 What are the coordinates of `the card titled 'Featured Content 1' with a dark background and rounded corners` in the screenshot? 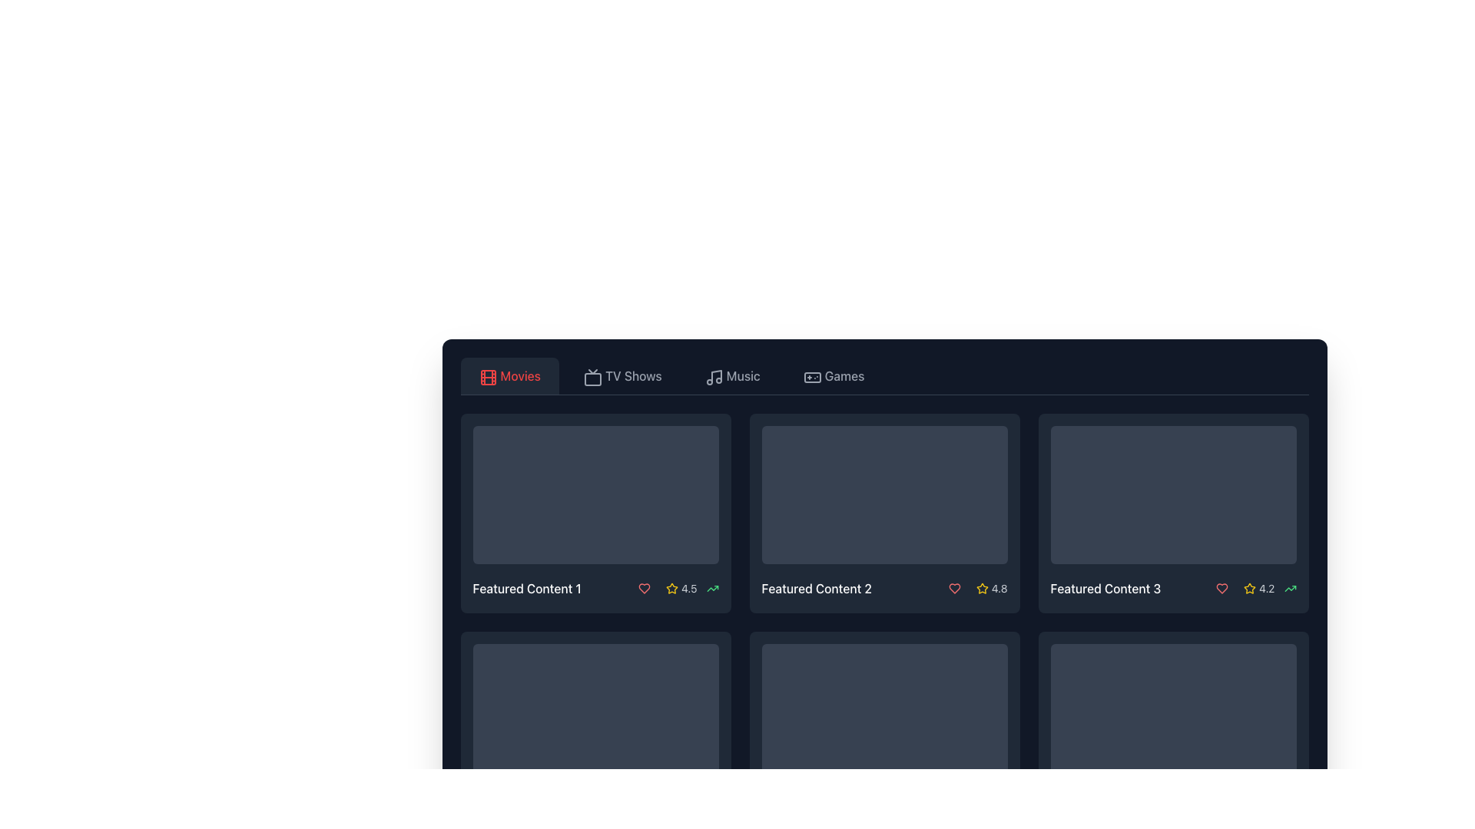 It's located at (595, 513).